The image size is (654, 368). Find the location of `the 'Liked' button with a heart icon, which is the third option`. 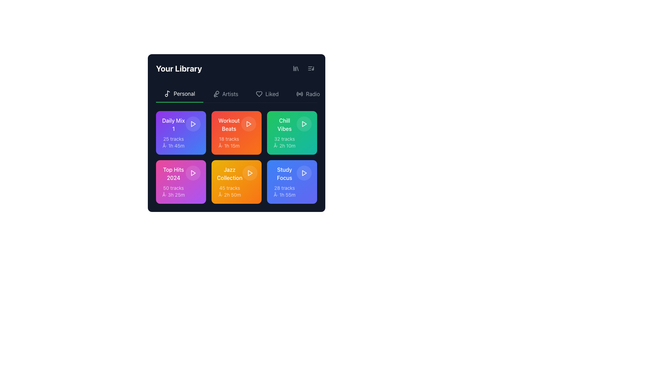

the 'Liked' button with a heart icon, which is the third option is located at coordinates (267, 94).